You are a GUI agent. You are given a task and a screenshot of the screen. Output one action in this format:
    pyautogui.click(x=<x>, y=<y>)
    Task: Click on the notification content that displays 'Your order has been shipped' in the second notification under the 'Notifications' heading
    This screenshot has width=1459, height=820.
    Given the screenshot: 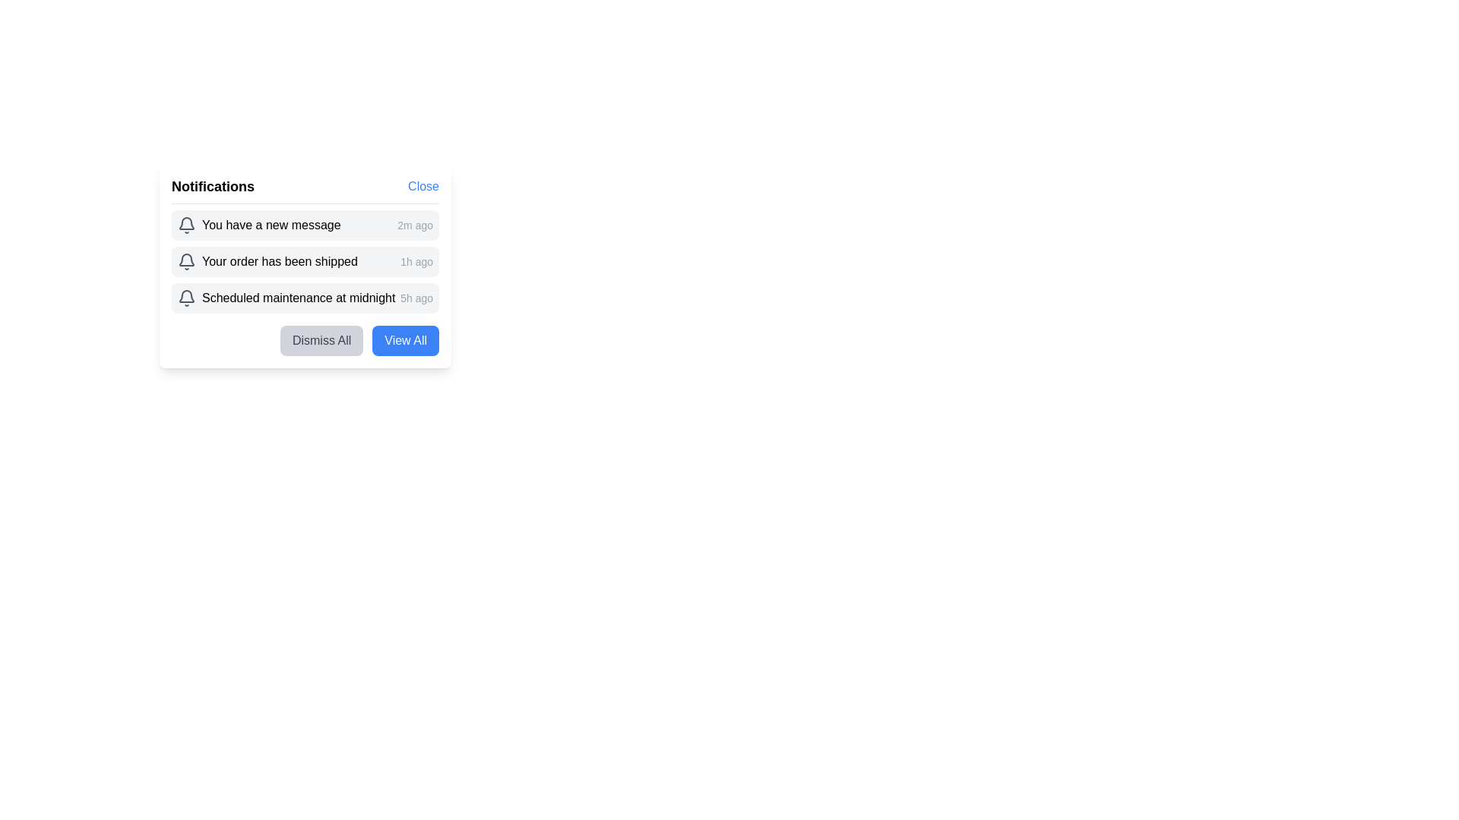 What is the action you would take?
    pyautogui.click(x=305, y=260)
    